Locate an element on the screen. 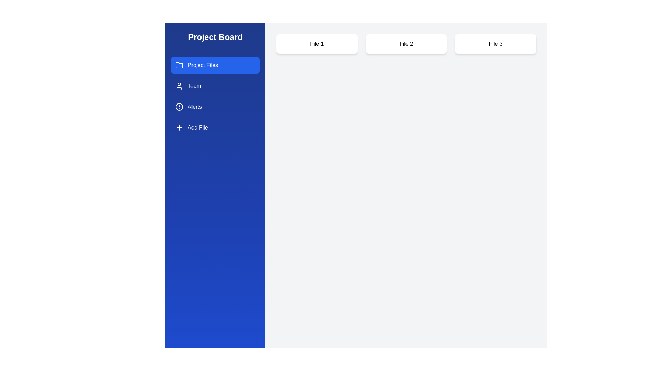 The width and height of the screenshot is (666, 375). the icon representing the 'Team' label in the sidebar menu is located at coordinates (179, 85).